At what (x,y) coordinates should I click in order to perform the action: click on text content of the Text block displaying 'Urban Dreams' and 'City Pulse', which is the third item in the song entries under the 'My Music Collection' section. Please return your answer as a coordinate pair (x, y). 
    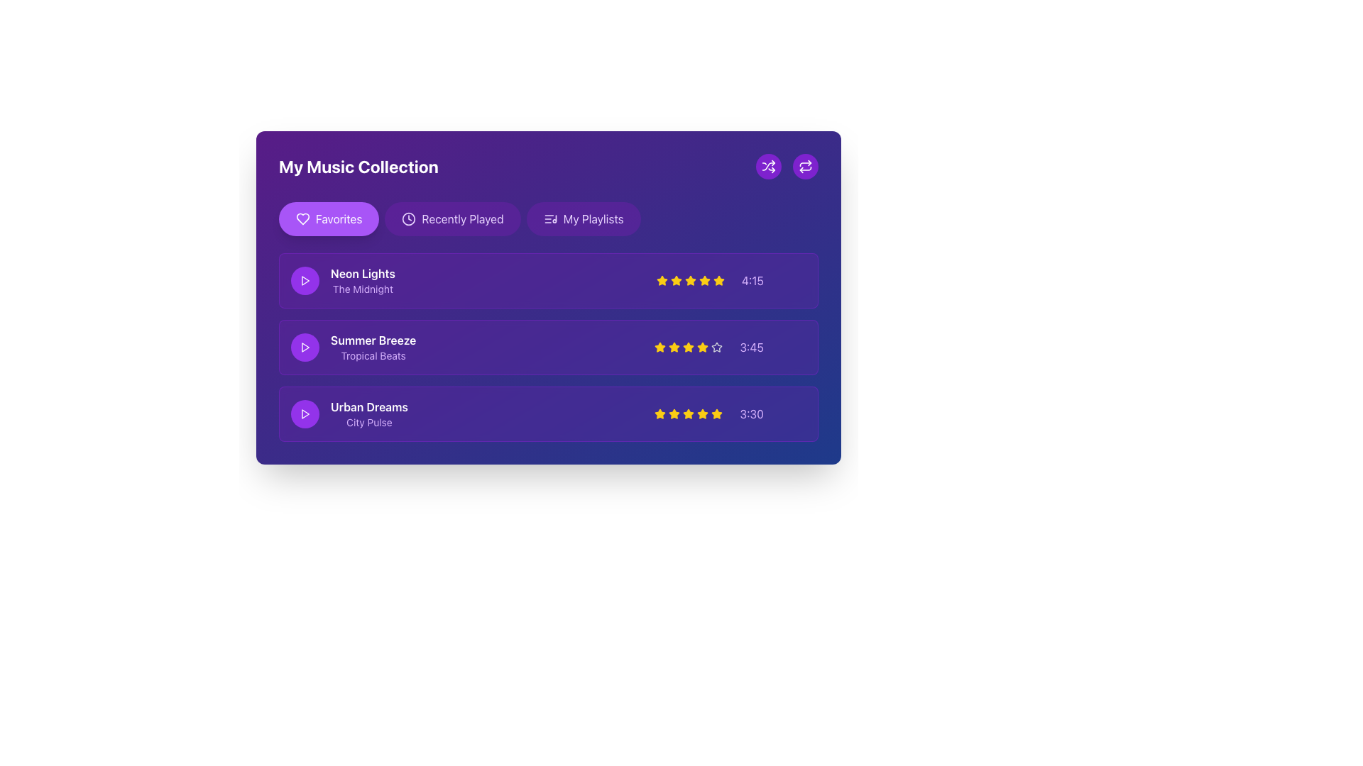
    Looking at the image, I should click on (369, 413).